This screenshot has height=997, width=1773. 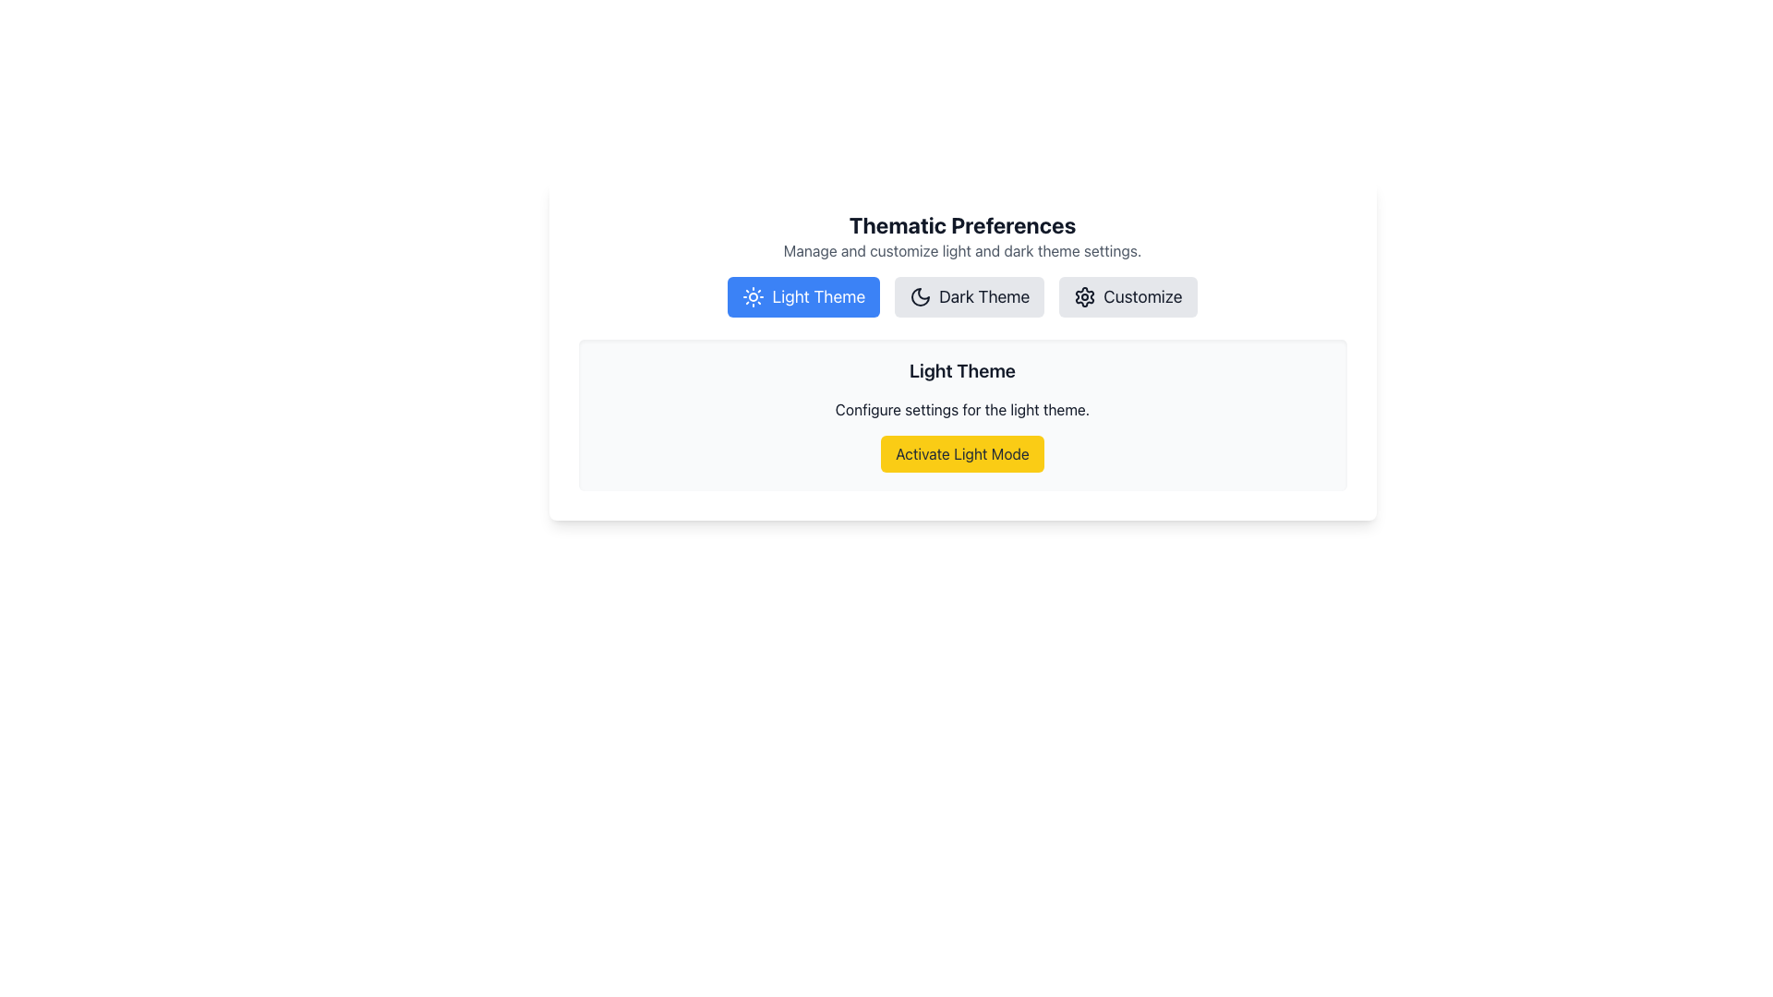 I want to click on the 'Light Theme' button, so click(x=803, y=295).